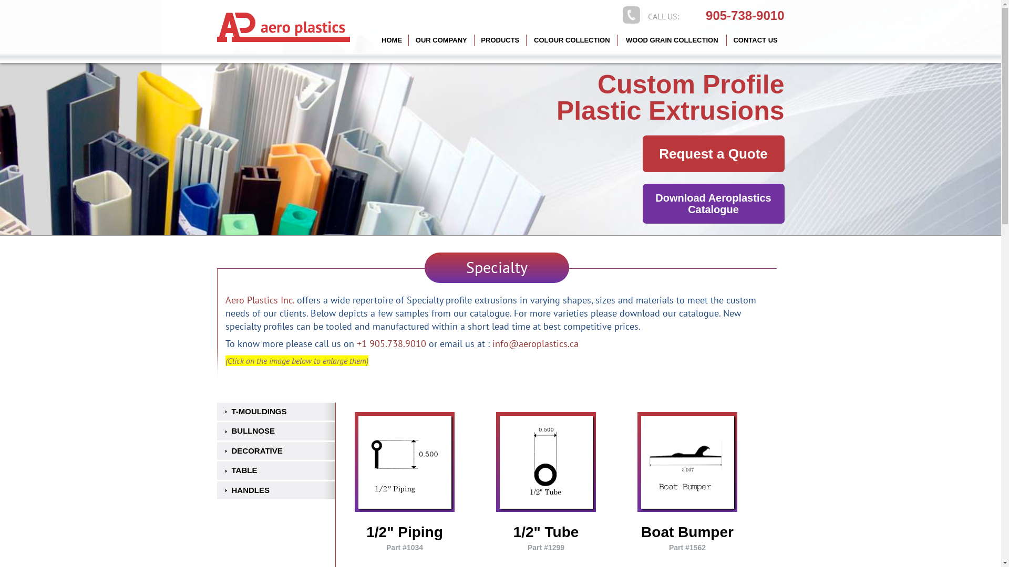  I want to click on 'HANDLES', so click(275, 490).